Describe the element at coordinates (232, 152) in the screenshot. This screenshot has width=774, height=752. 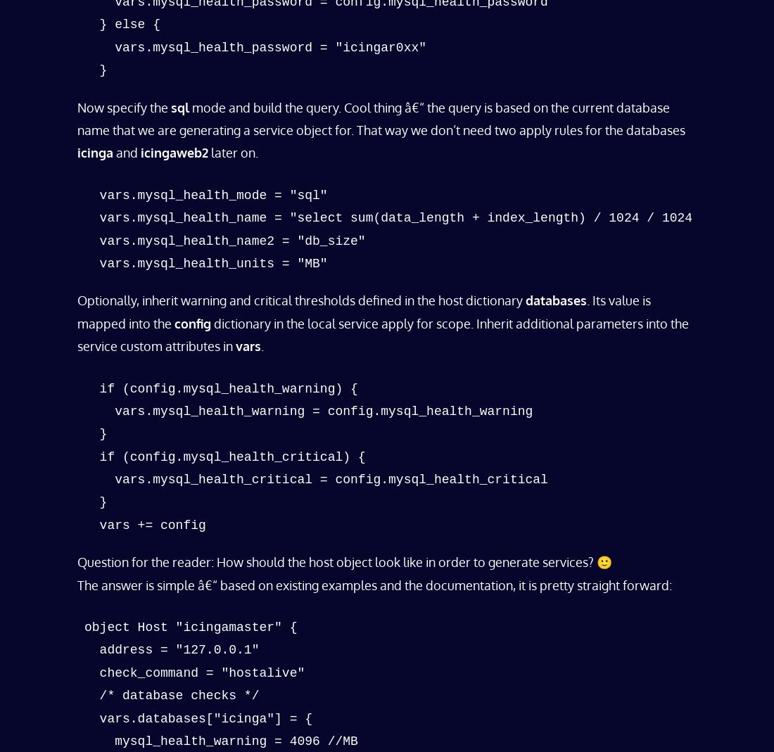
I see `'later on.'` at that location.